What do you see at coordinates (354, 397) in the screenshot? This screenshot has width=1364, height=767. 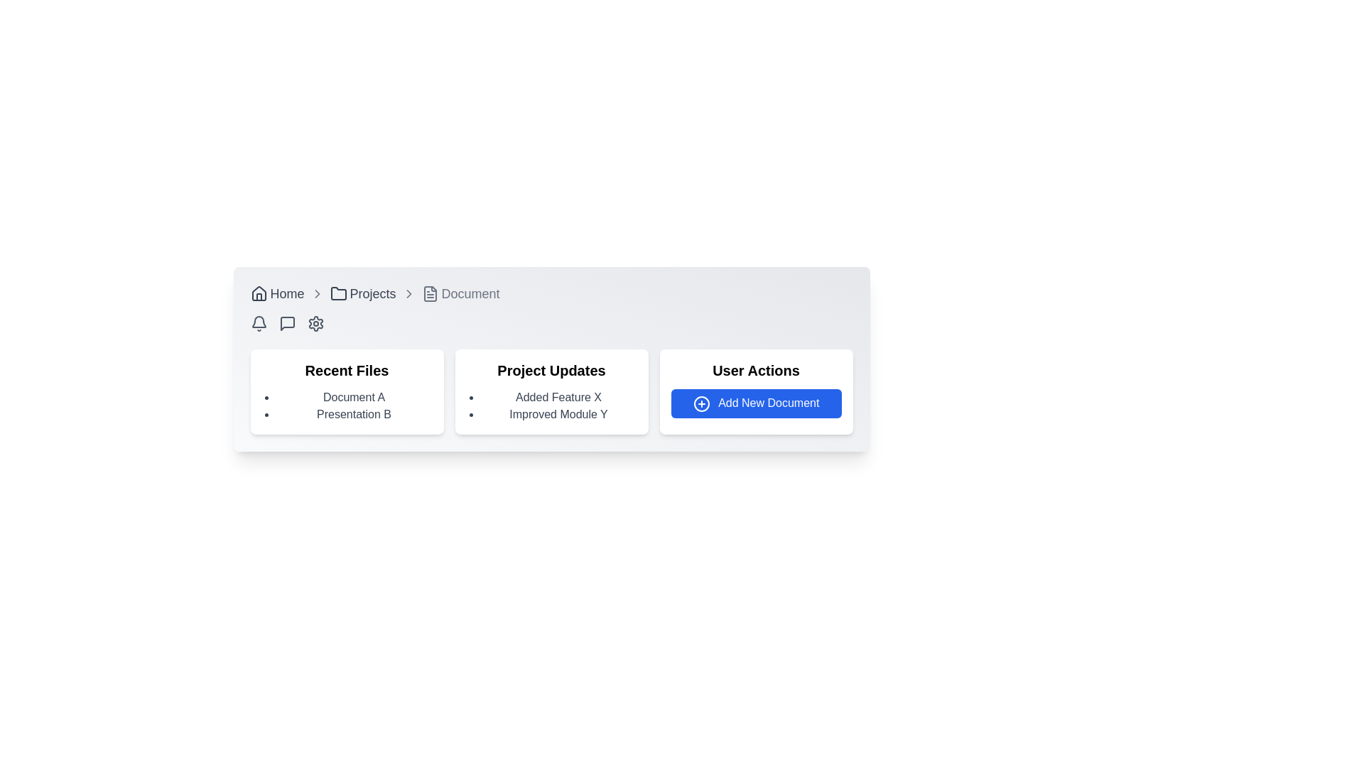 I see `the text label displaying 'Document A' in the 'Recent Files' section, which is the first item in a bulleted list` at bounding box center [354, 397].